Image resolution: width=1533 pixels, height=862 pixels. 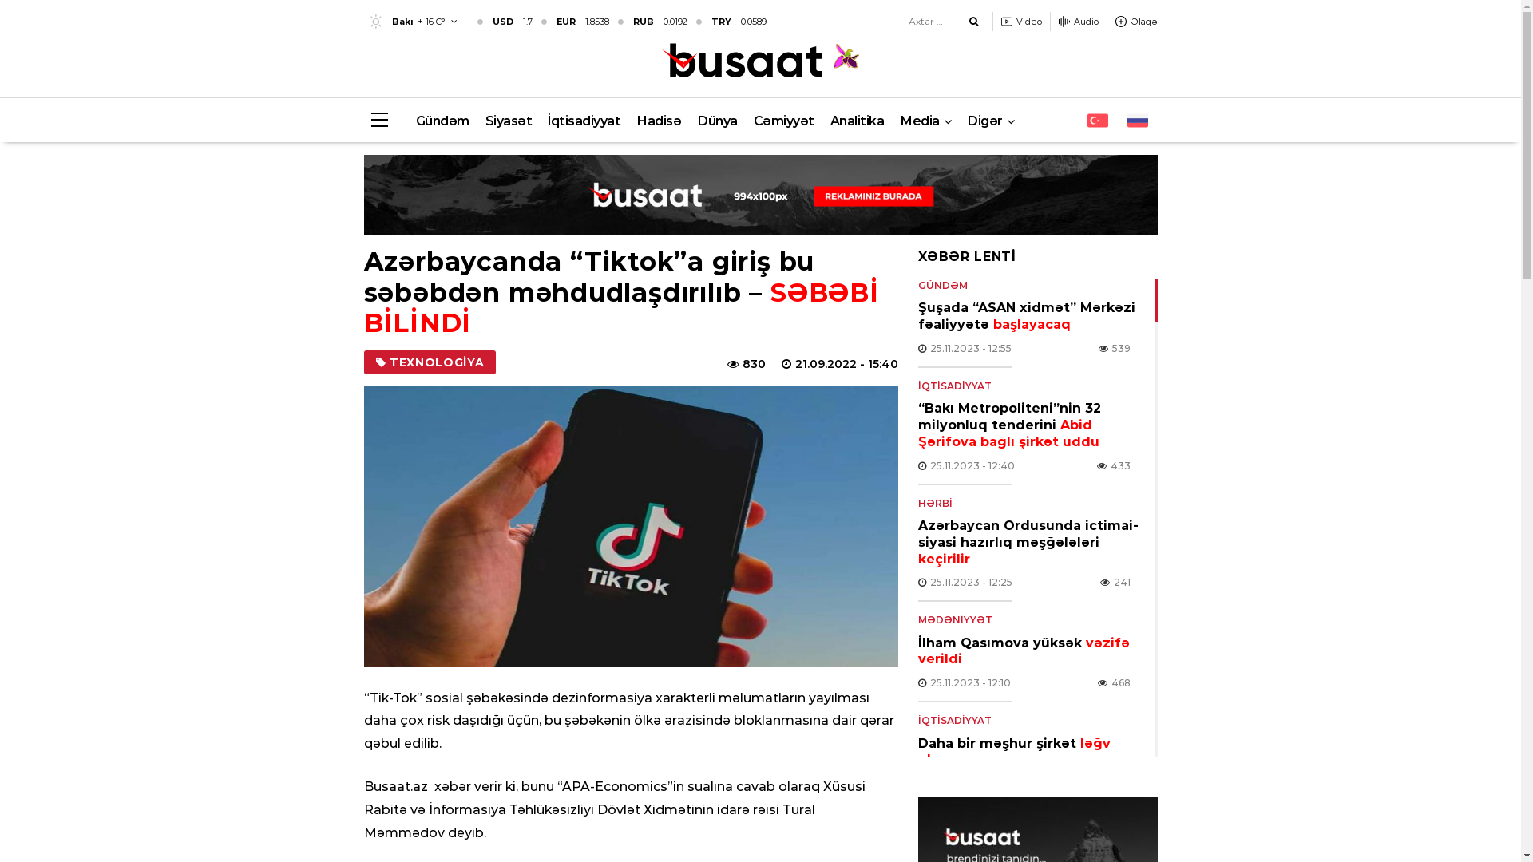 I want to click on 'Busaat.az', so click(x=662, y=61).